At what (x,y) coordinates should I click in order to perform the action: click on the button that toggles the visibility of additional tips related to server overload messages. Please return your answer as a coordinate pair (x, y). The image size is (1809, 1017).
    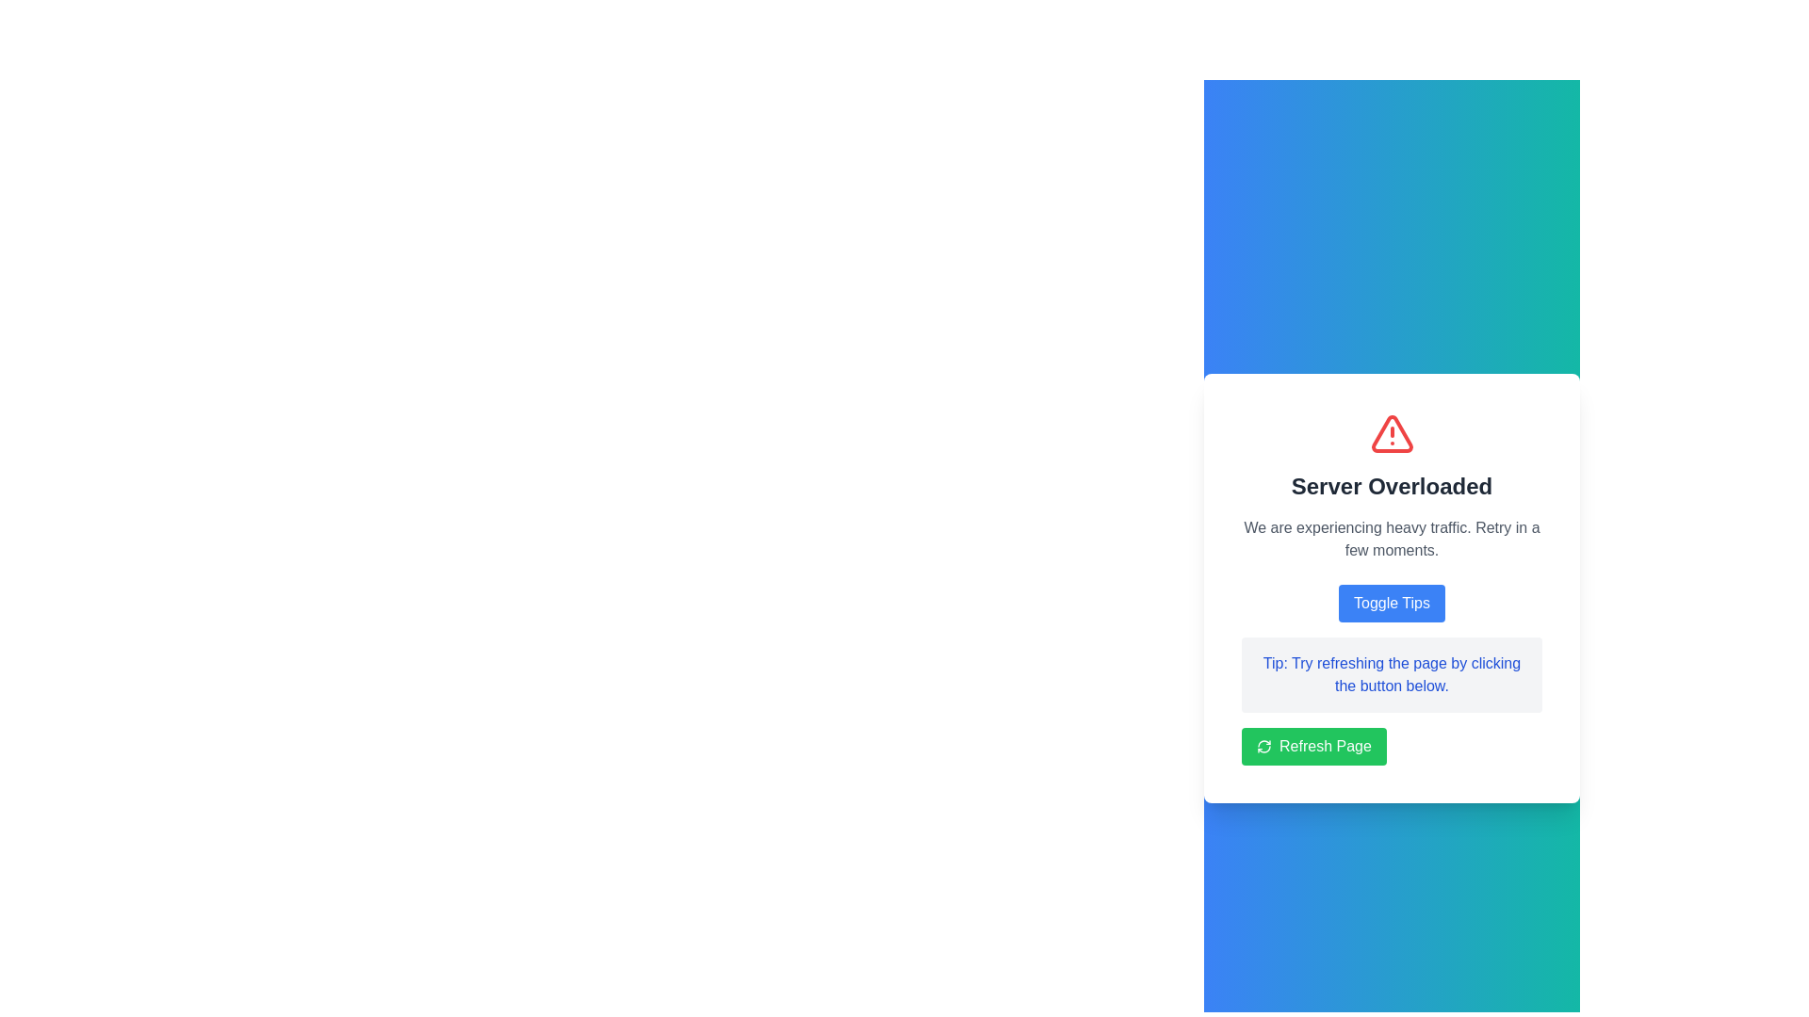
    Looking at the image, I should click on (1392, 603).